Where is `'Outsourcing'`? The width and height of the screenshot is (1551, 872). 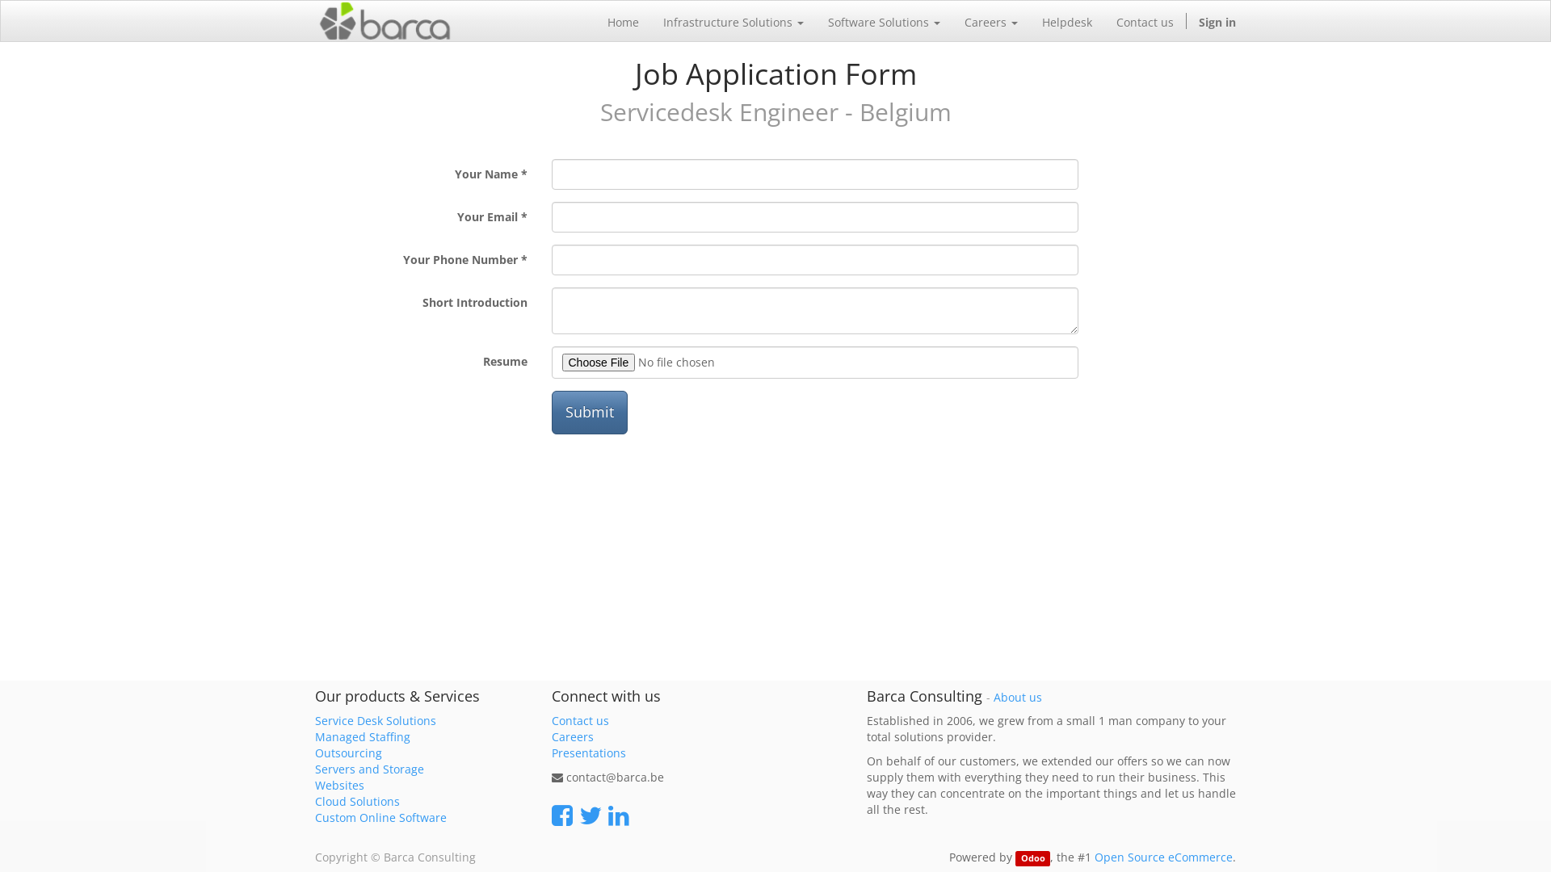 'Outsourcing' is located at coordinates (347, 753).